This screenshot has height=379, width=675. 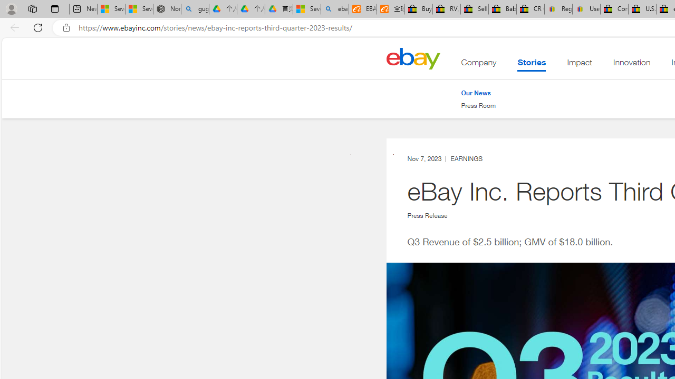 What do you see at coordinates (418, 9) in the screenshot?
I see `'Buy Auto Parts & Accessories | eBay'` at bounding box center [418, 9].